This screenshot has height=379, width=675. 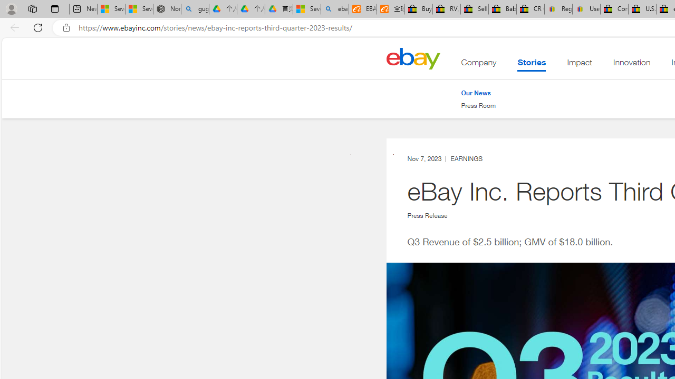 What do you see at coordinates (418, 9) in the screenshot?
I see `'Buy Auto Parts & Accessories | eBay'` at bounding box center [418, 9].